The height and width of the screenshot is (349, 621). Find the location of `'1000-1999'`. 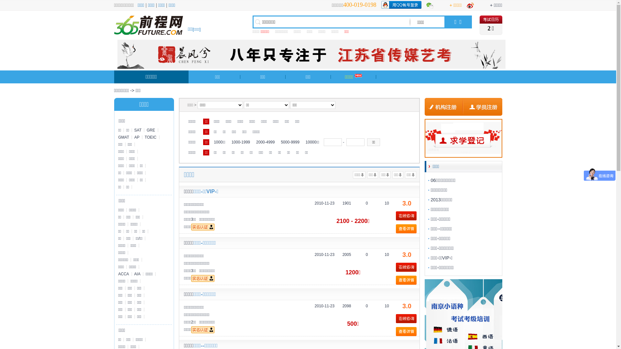

'1000-1999' is located at coordinates (240, 142).